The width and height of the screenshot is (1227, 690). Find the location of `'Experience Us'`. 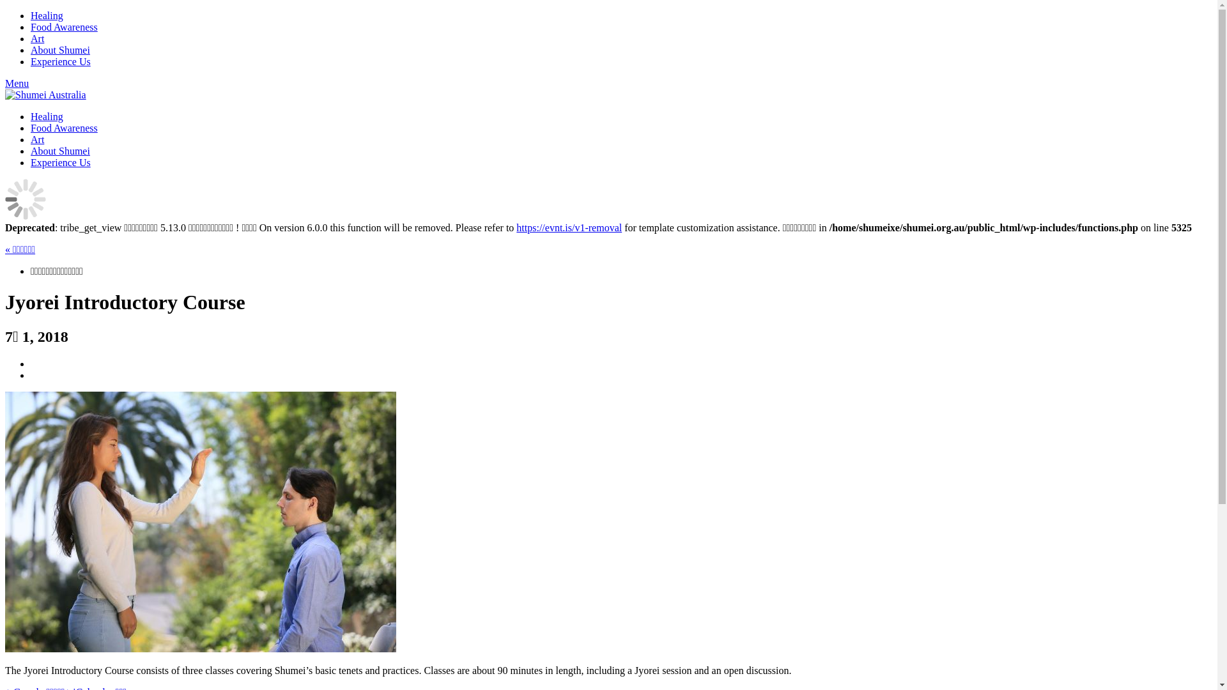

'Experience Us' is located at coordinates (60, 162).